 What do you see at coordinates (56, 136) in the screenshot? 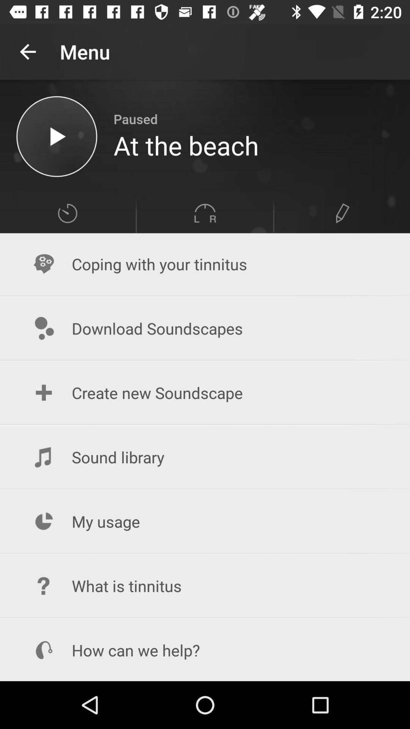
I see `the play icon` at bounding box center [56, 136].